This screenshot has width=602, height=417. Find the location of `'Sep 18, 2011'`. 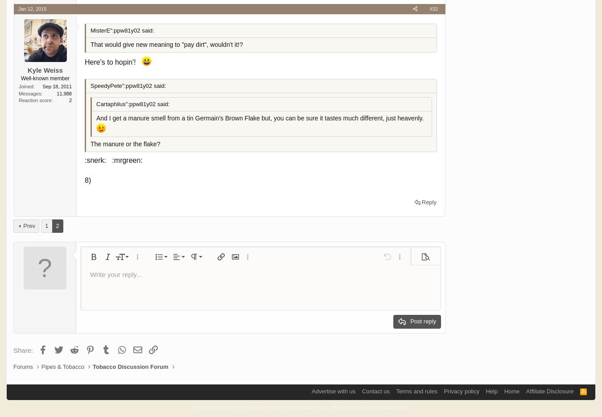

'Sep 18, 2011' is located at coordinates (57, 86).